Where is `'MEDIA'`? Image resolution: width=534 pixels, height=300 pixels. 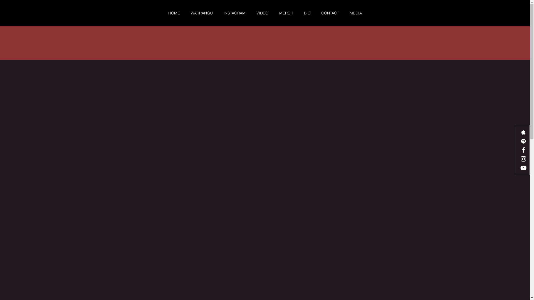 'MEDIA' is located at coordinates (355, 13).